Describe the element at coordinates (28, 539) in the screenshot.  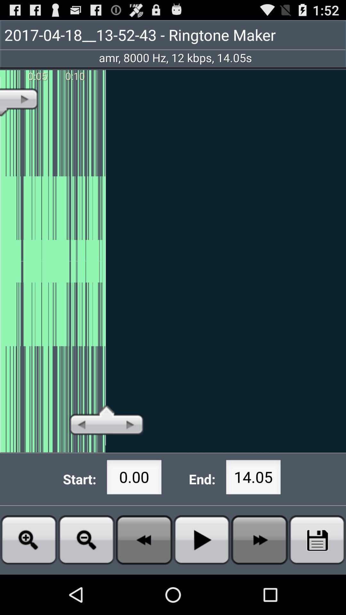
I see `zoom in` at that location.